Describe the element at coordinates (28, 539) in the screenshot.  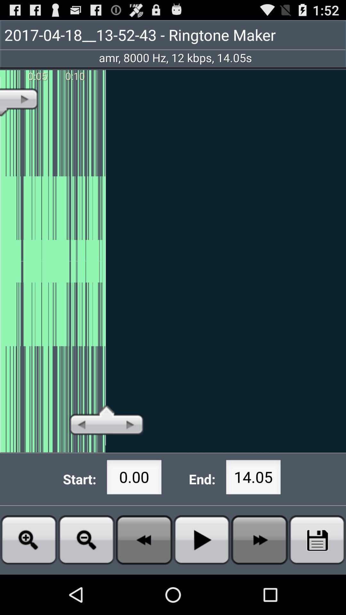
I see `zoom in` at that location.